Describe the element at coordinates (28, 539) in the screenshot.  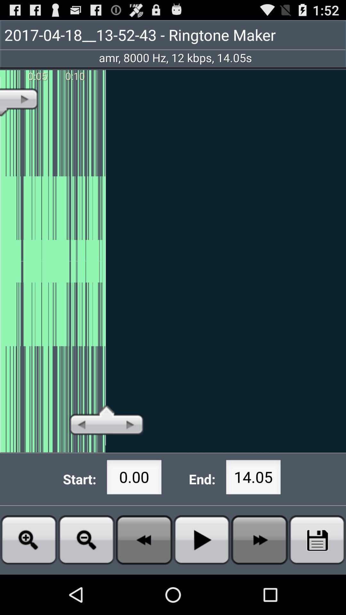
I see `zoom in` at that location.